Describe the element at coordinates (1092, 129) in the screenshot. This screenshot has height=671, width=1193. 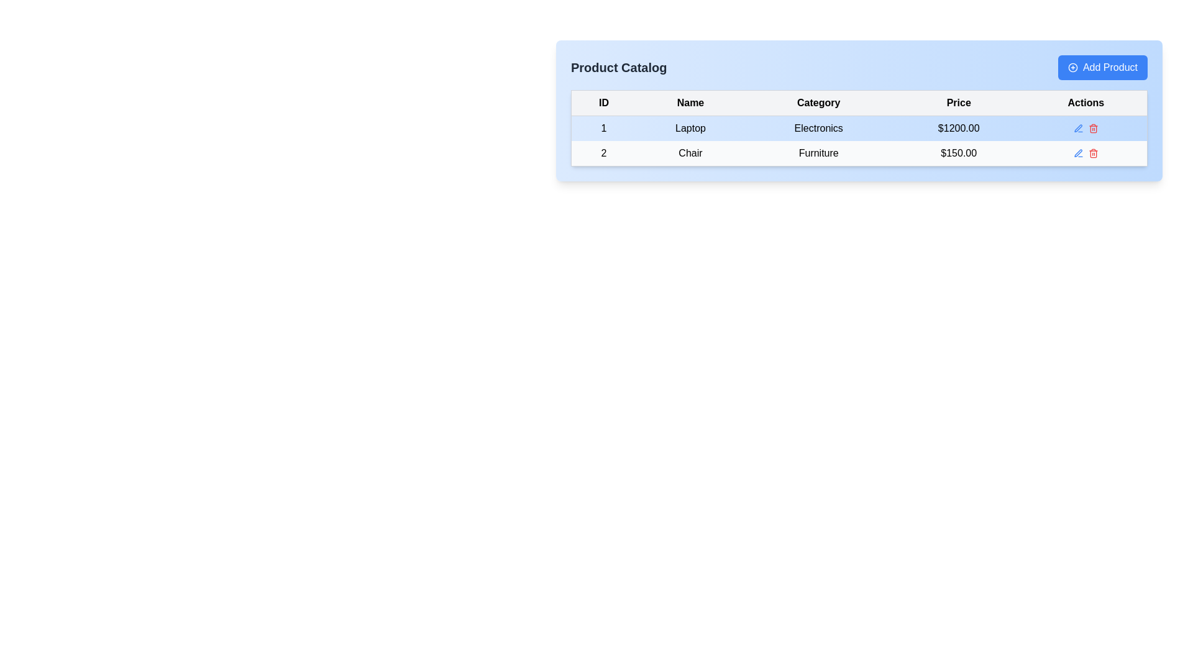
I see `keyboard navigation` at that location.